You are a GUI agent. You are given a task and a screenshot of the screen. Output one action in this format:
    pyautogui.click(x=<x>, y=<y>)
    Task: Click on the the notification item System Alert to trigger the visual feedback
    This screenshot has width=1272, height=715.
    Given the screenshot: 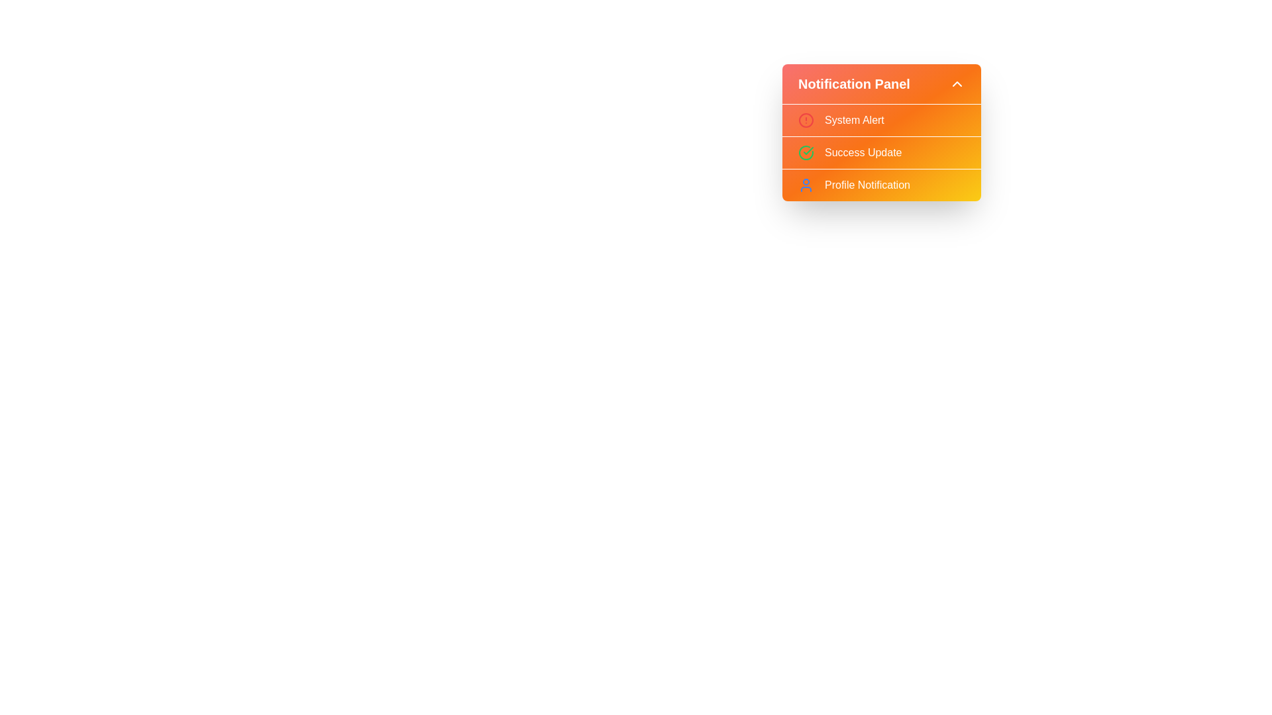 What is the action you would take?
    pyautogui.click(x=881, y=120)
    